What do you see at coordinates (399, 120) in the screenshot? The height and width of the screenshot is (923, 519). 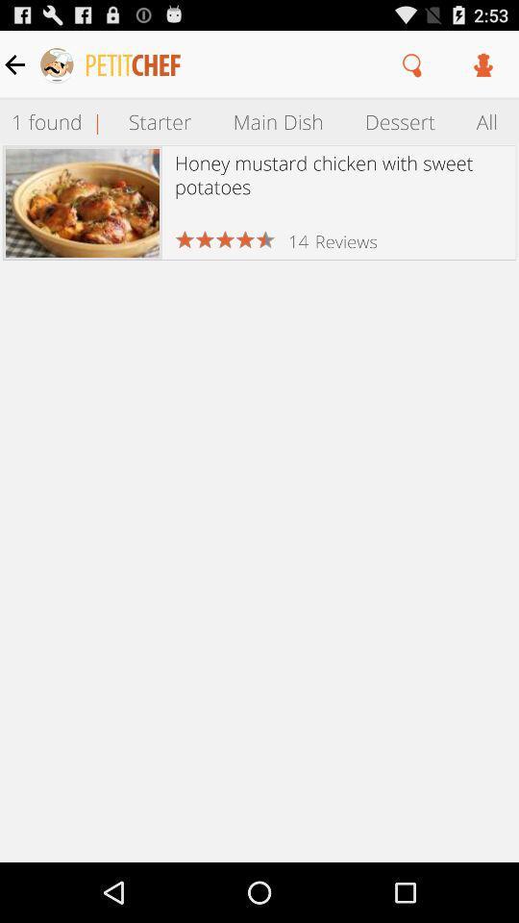 I see `icon next to the main dish icon` at bounding box center [399, 120].